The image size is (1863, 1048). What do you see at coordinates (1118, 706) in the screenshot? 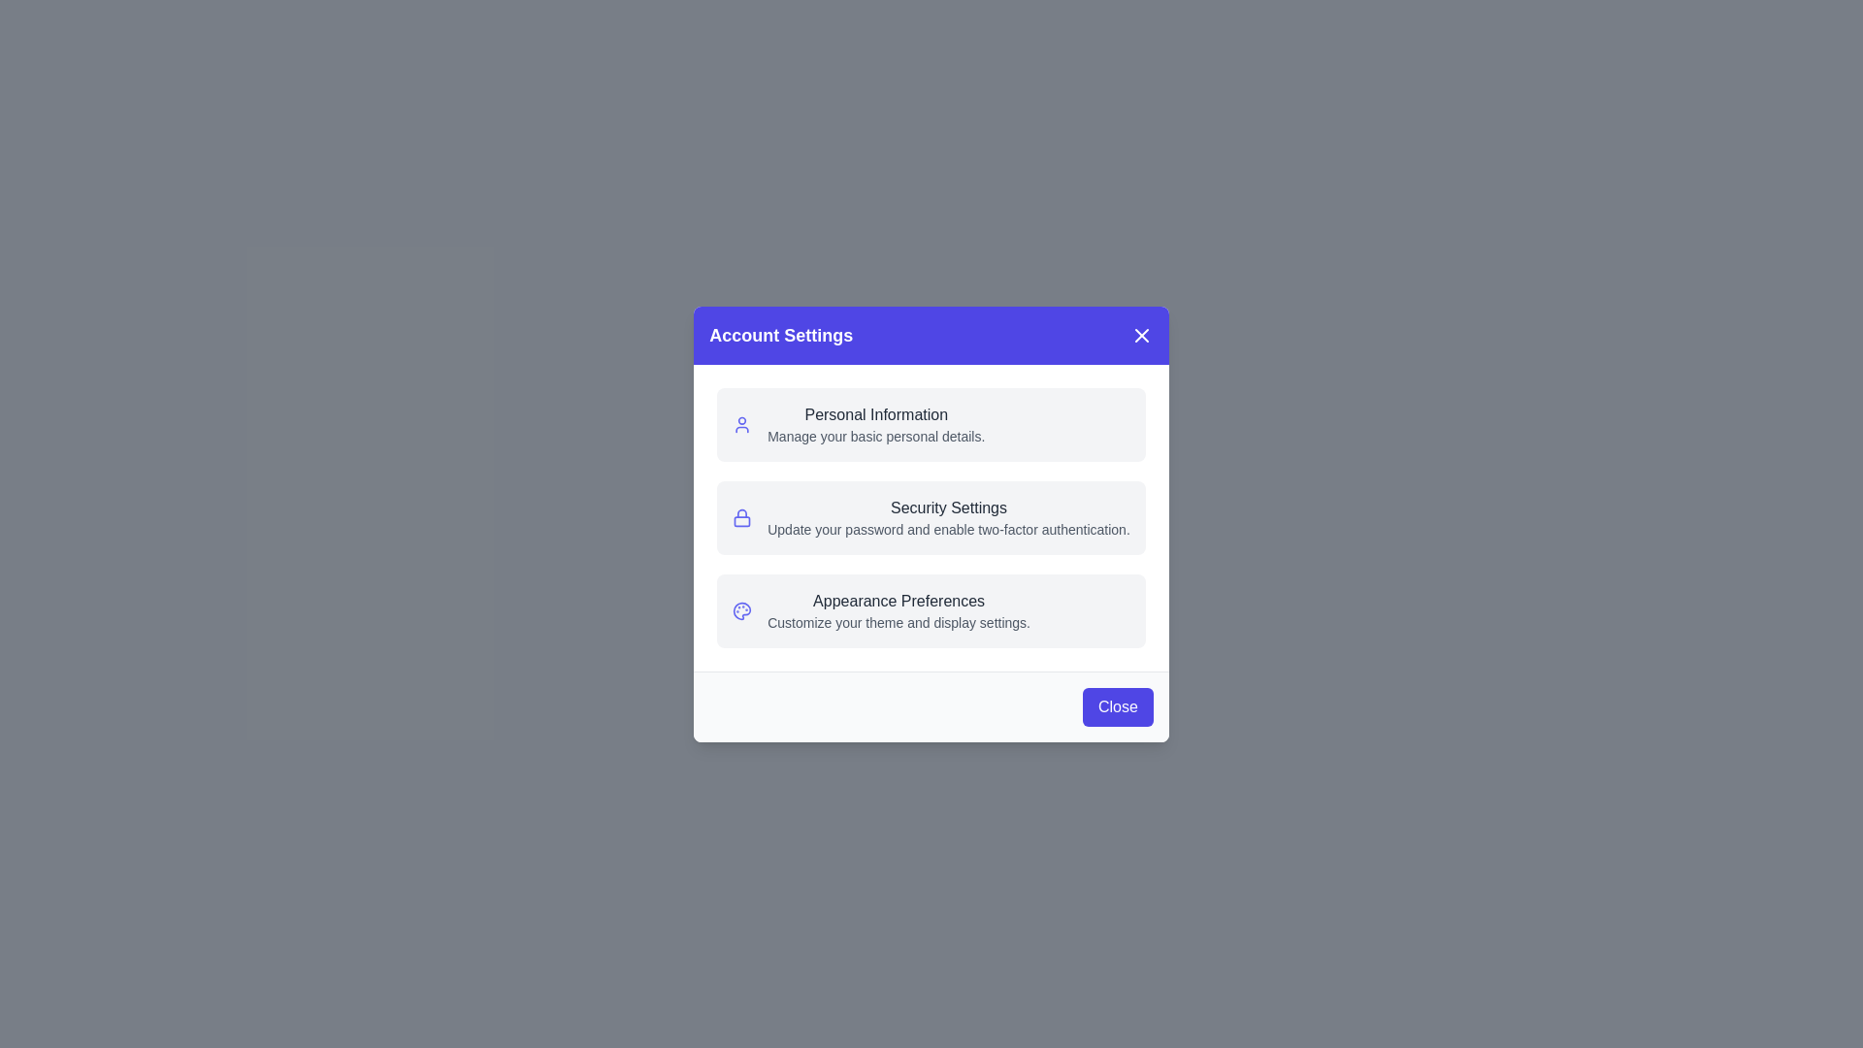
I see `the close button located in the bottom-right corner of the modal dialog box` at bounding box center [1118, 706].